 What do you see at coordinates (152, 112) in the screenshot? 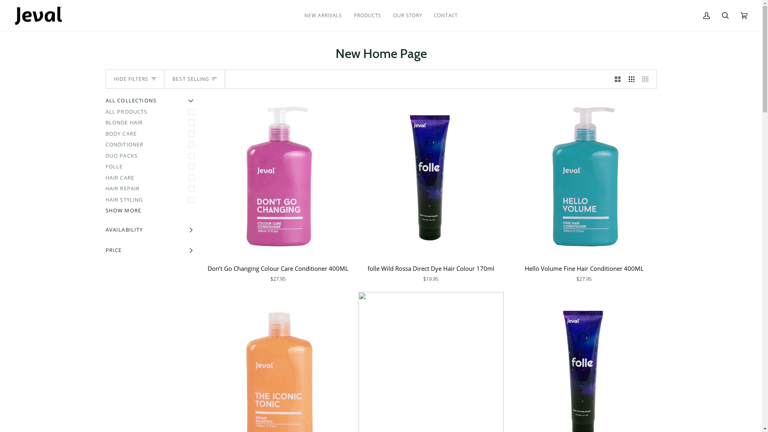
I see `'ALL PRODUCTS'` at bounding box center [152, 112].